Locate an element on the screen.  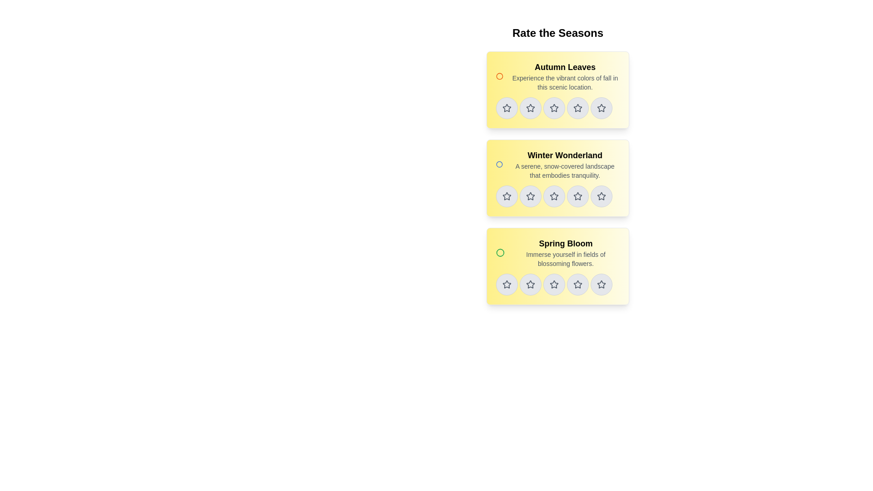
the text label that reads 'Immerse yourself in fields of blossoming flowers.' which is styled in a smaller, lighter gray font and located within the 'Spring Bloom' card beneath the bold title is located at coordinates (565, 259).